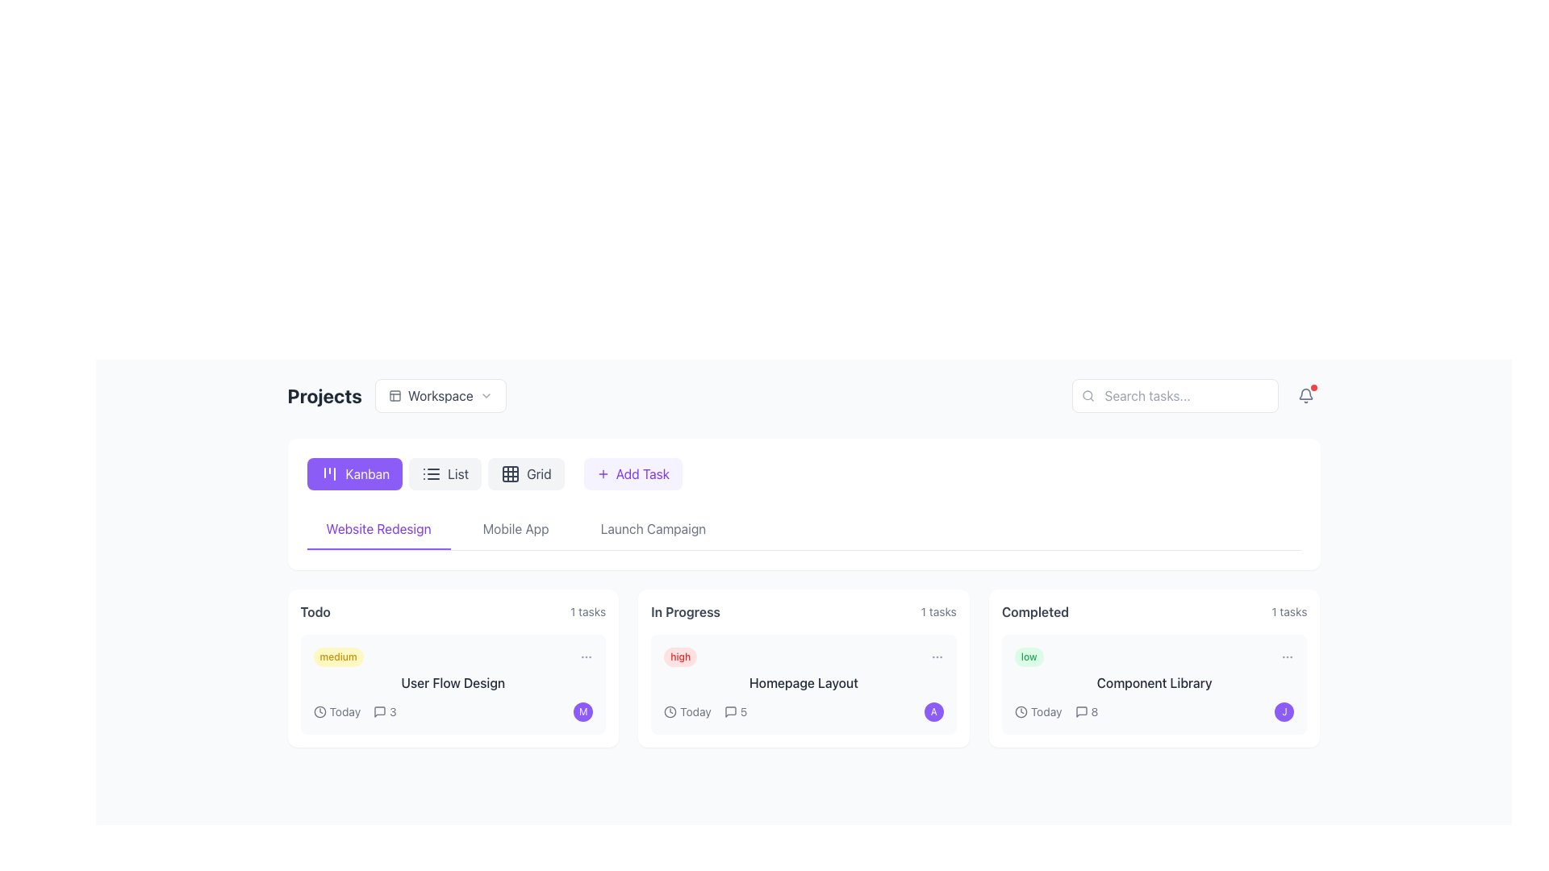  Describe the element at coordinates (452, 683) in the screenshot. I see `text content of the label positioned in the center of a task card within the 'To Do' column, below the yellow 'medium' label` at that location.